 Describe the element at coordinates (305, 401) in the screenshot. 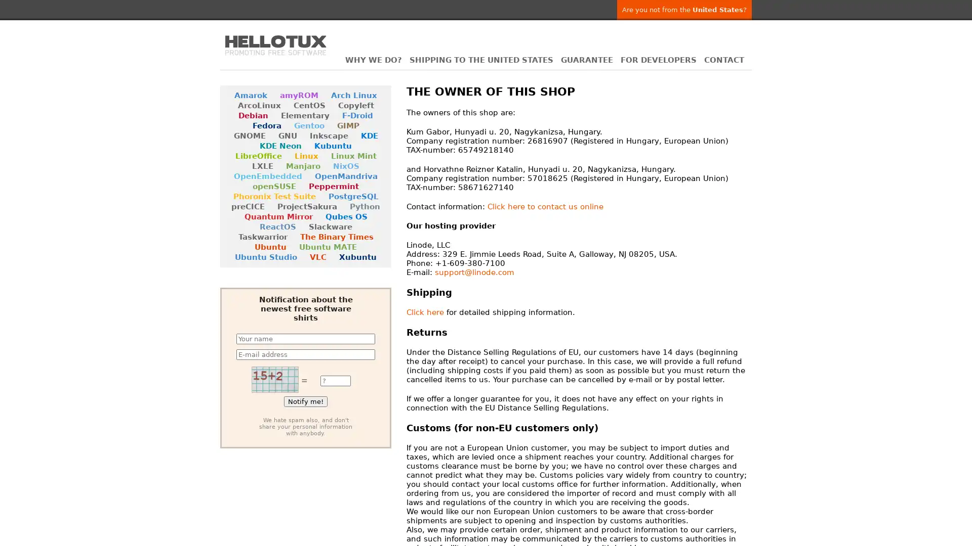

I see `Notify me!` at that location.